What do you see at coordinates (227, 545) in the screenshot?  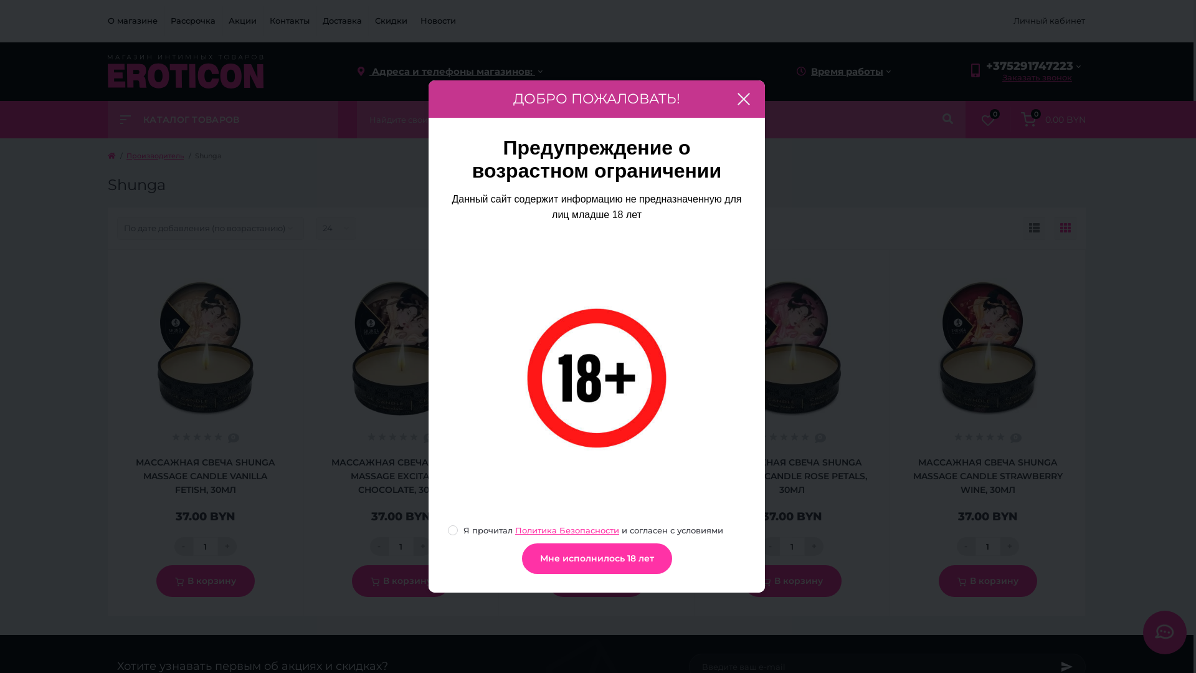 I see `'+'` at bounding box center [227, 545].